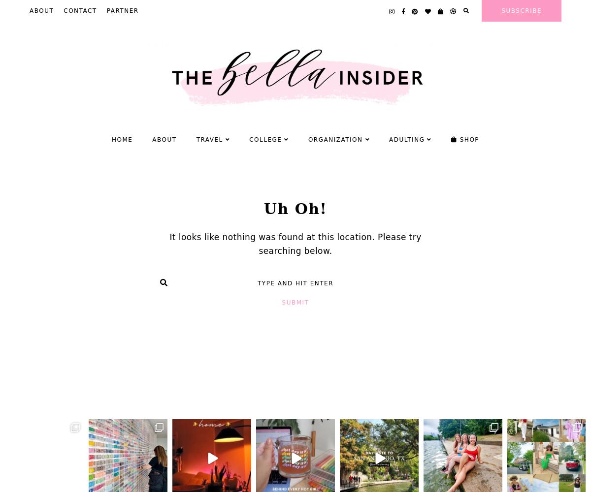 This screenshot has height=492, width=591. Describe the element at coordinates (263, 208) in the screenshot. I see `'Uh Oh!'` at that location.